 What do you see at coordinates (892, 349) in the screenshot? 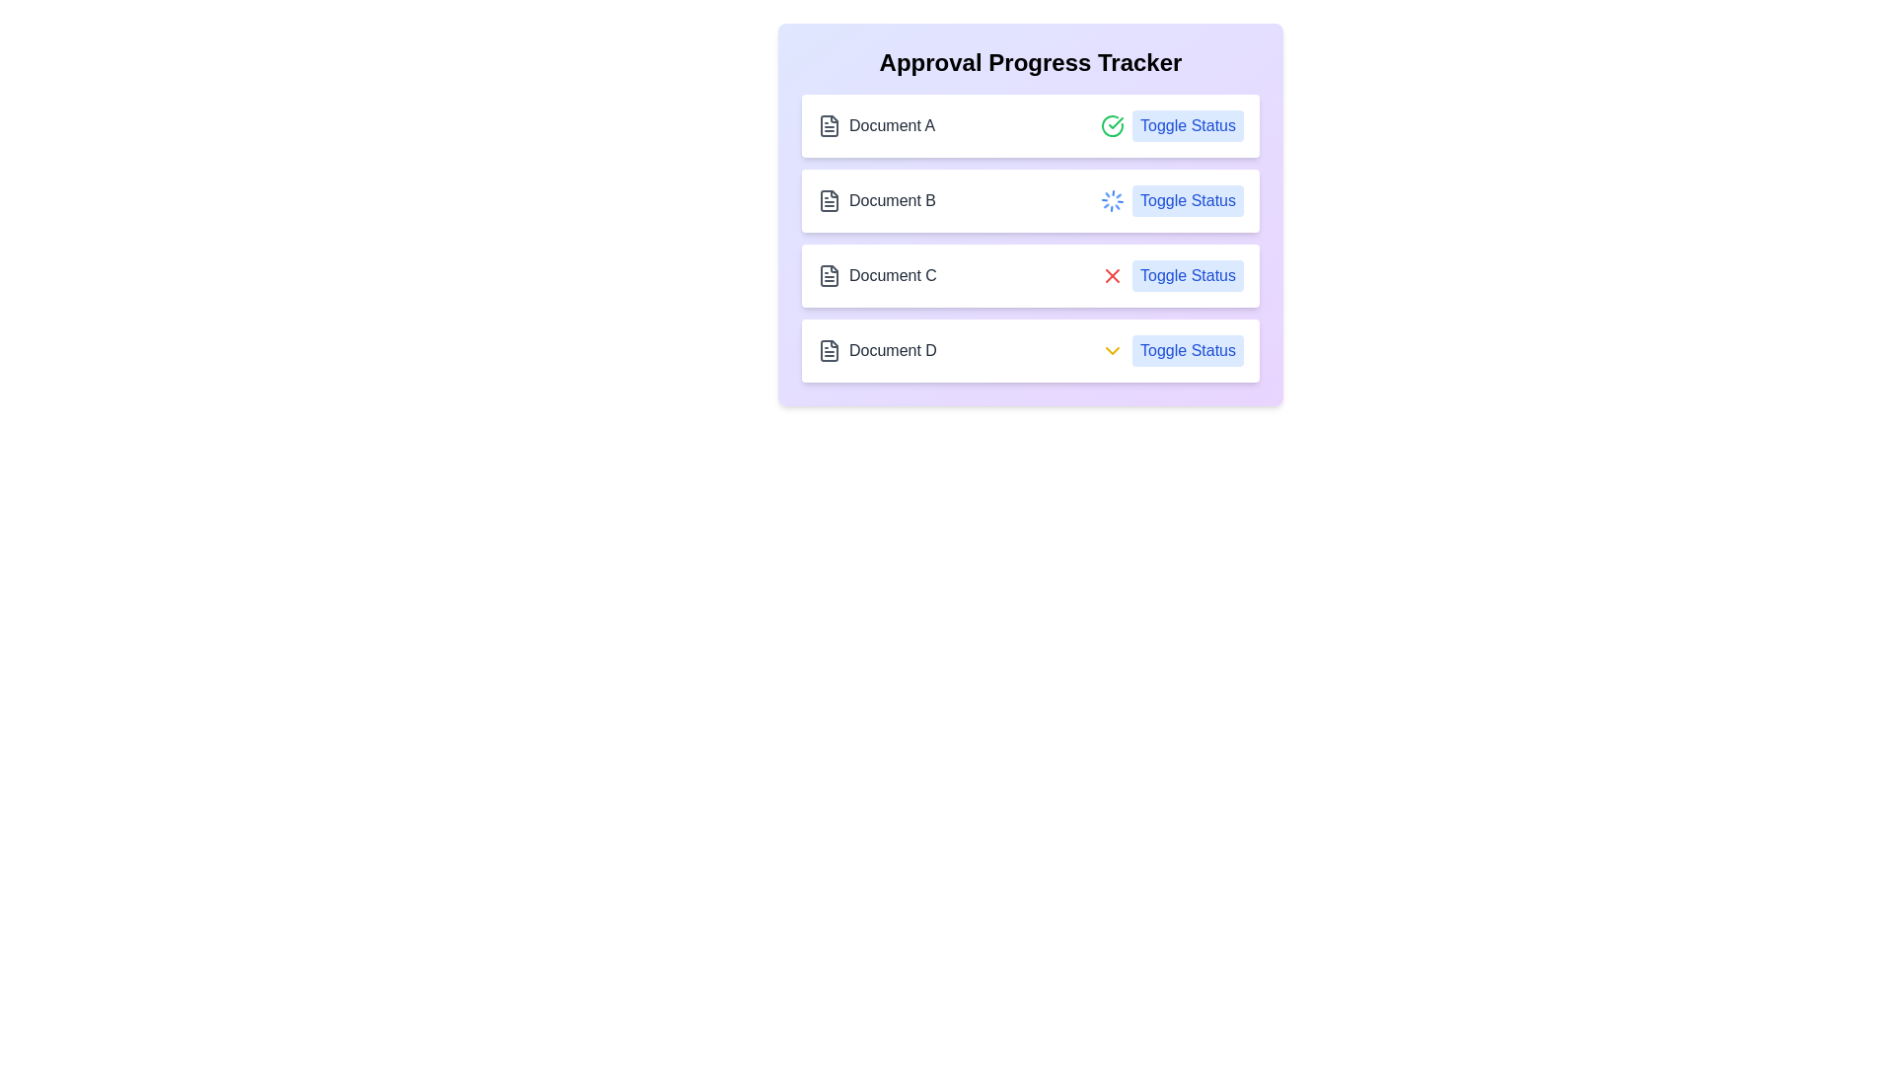
I see `the textual element reading 'Document D' within the 'Approval Progress Tracker' list, which is styled with medium font weight and gray color` at bounding box center [892, 349].